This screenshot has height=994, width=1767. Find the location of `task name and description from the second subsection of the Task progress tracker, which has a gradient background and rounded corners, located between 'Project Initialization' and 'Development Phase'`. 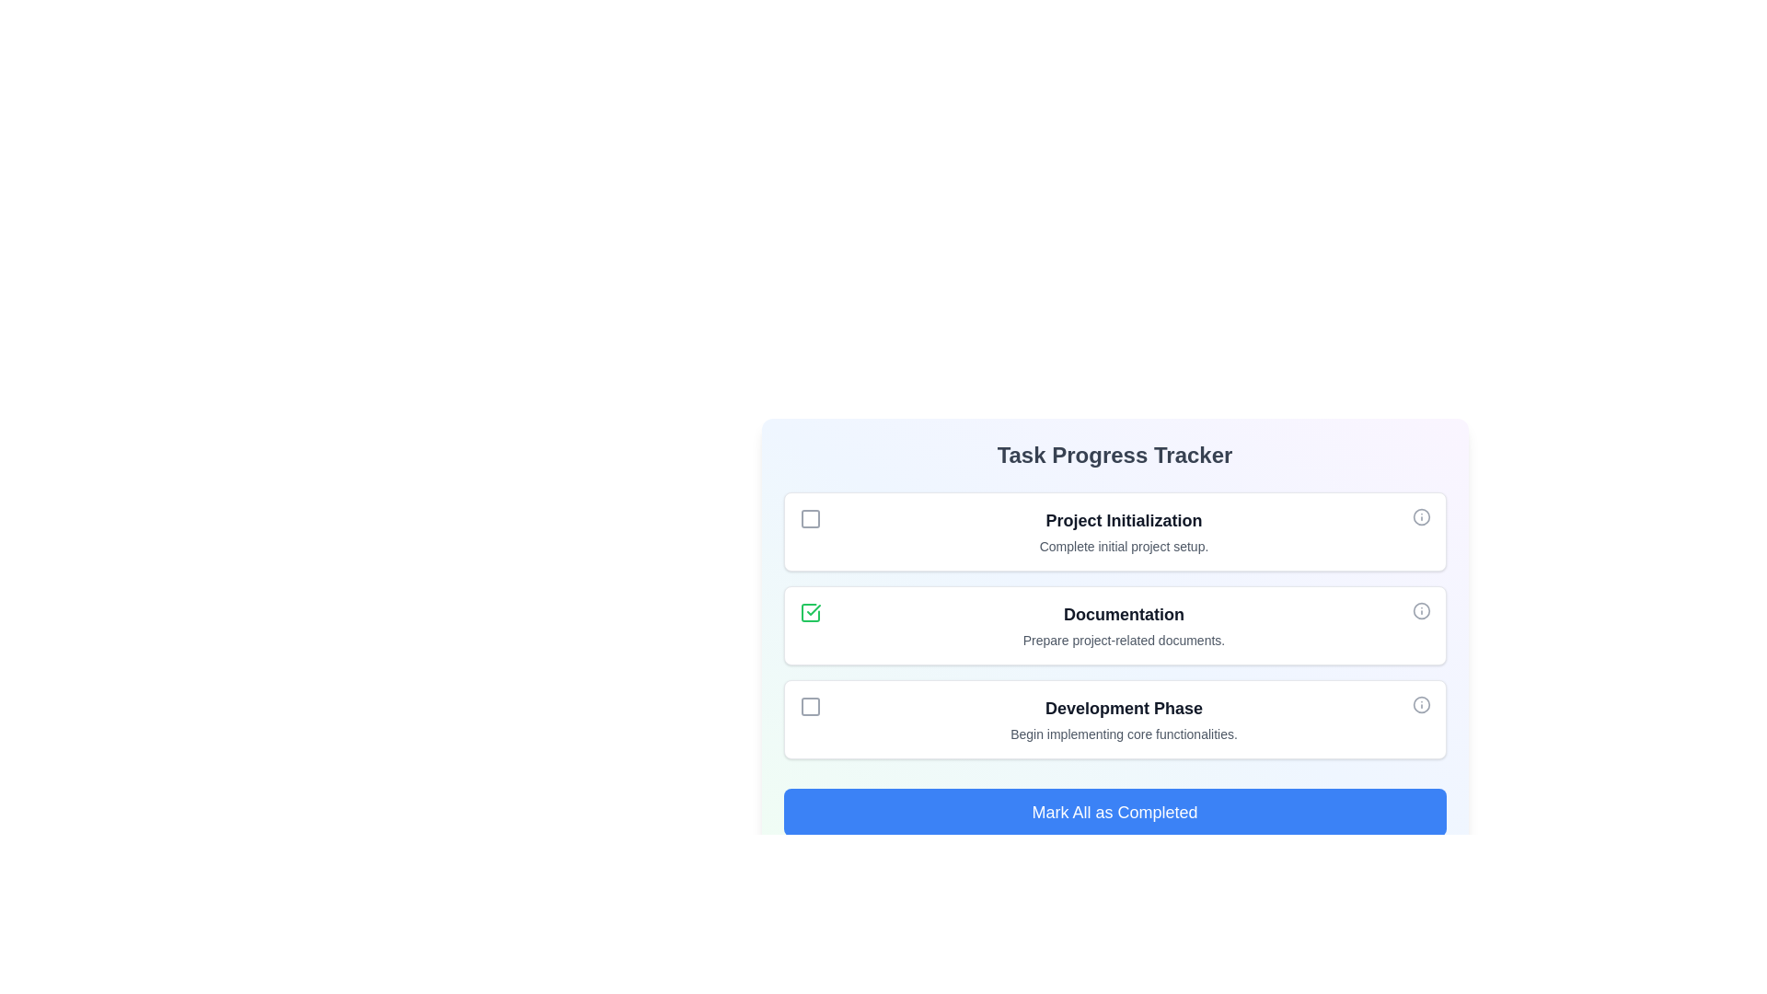

task name and description from the second subsection of the Task progress tracker, which has a gradient background and rounded corners, located between 'Project Initialization' and 'Development Phase' is located at coordinates (1114, 624).